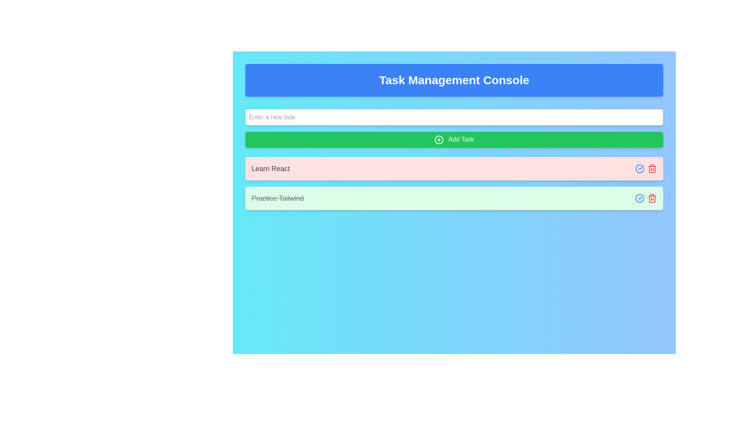 This screenshot has height=421, width=750. I want to click on the checkmark icon, so click(641, 167).